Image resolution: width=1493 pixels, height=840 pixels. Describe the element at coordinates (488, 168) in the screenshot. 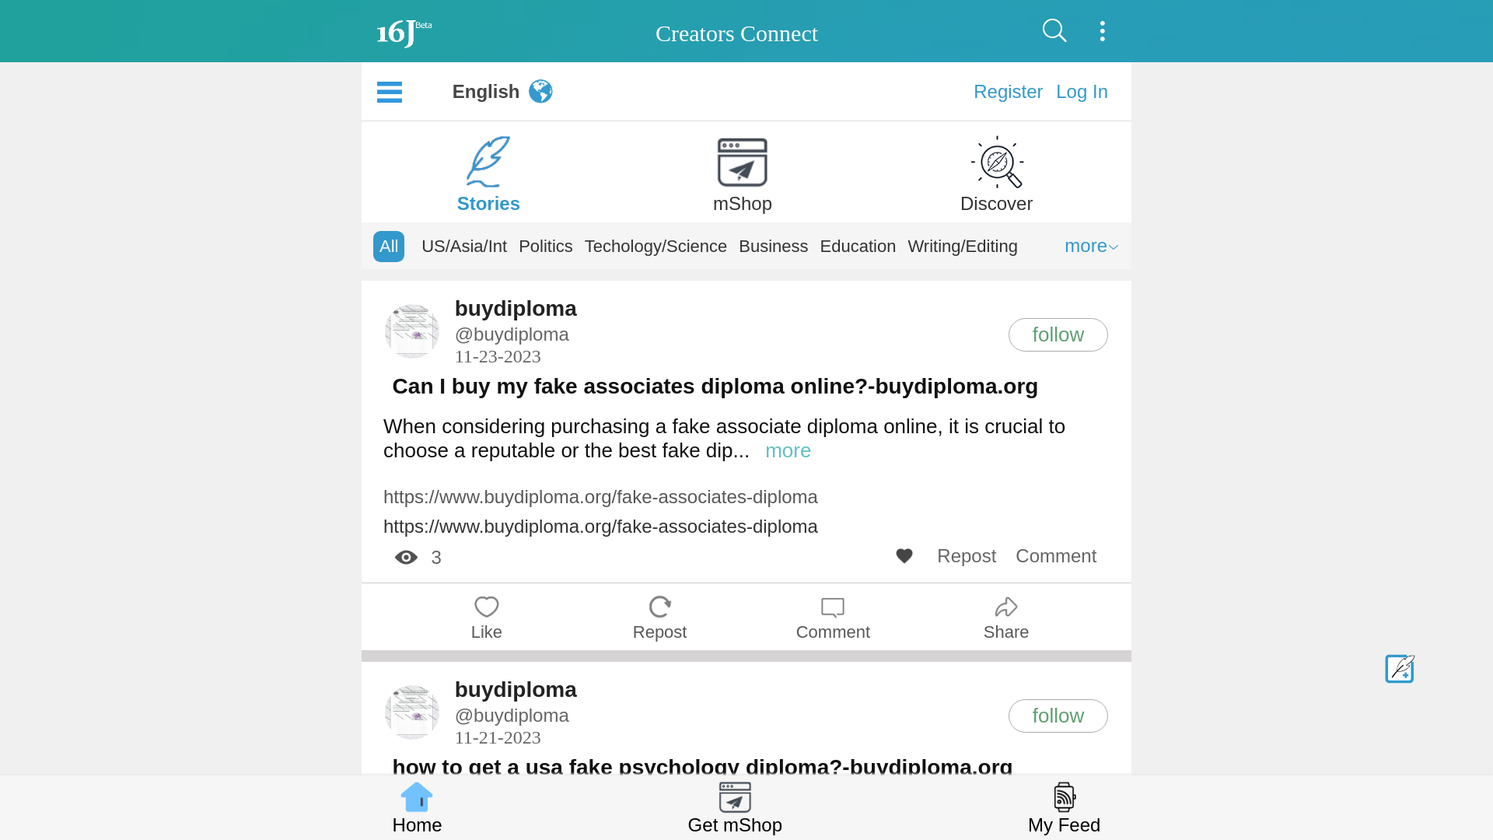

I see `'Stories'` at that location.